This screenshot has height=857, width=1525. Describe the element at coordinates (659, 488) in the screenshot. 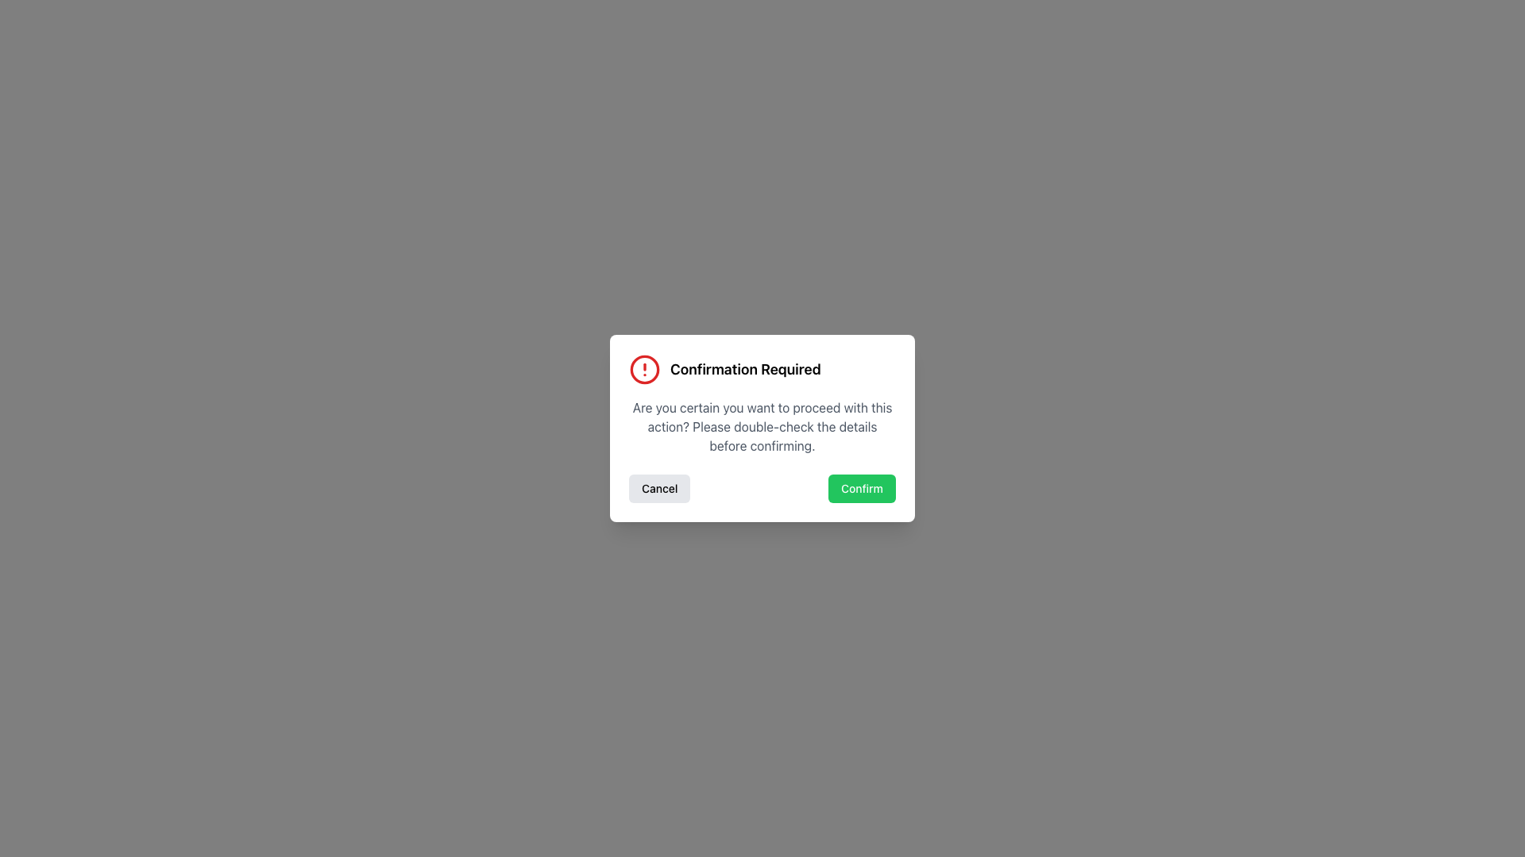

I see `the cancel button located in the bottom-left portion of the dialog box` at that location.